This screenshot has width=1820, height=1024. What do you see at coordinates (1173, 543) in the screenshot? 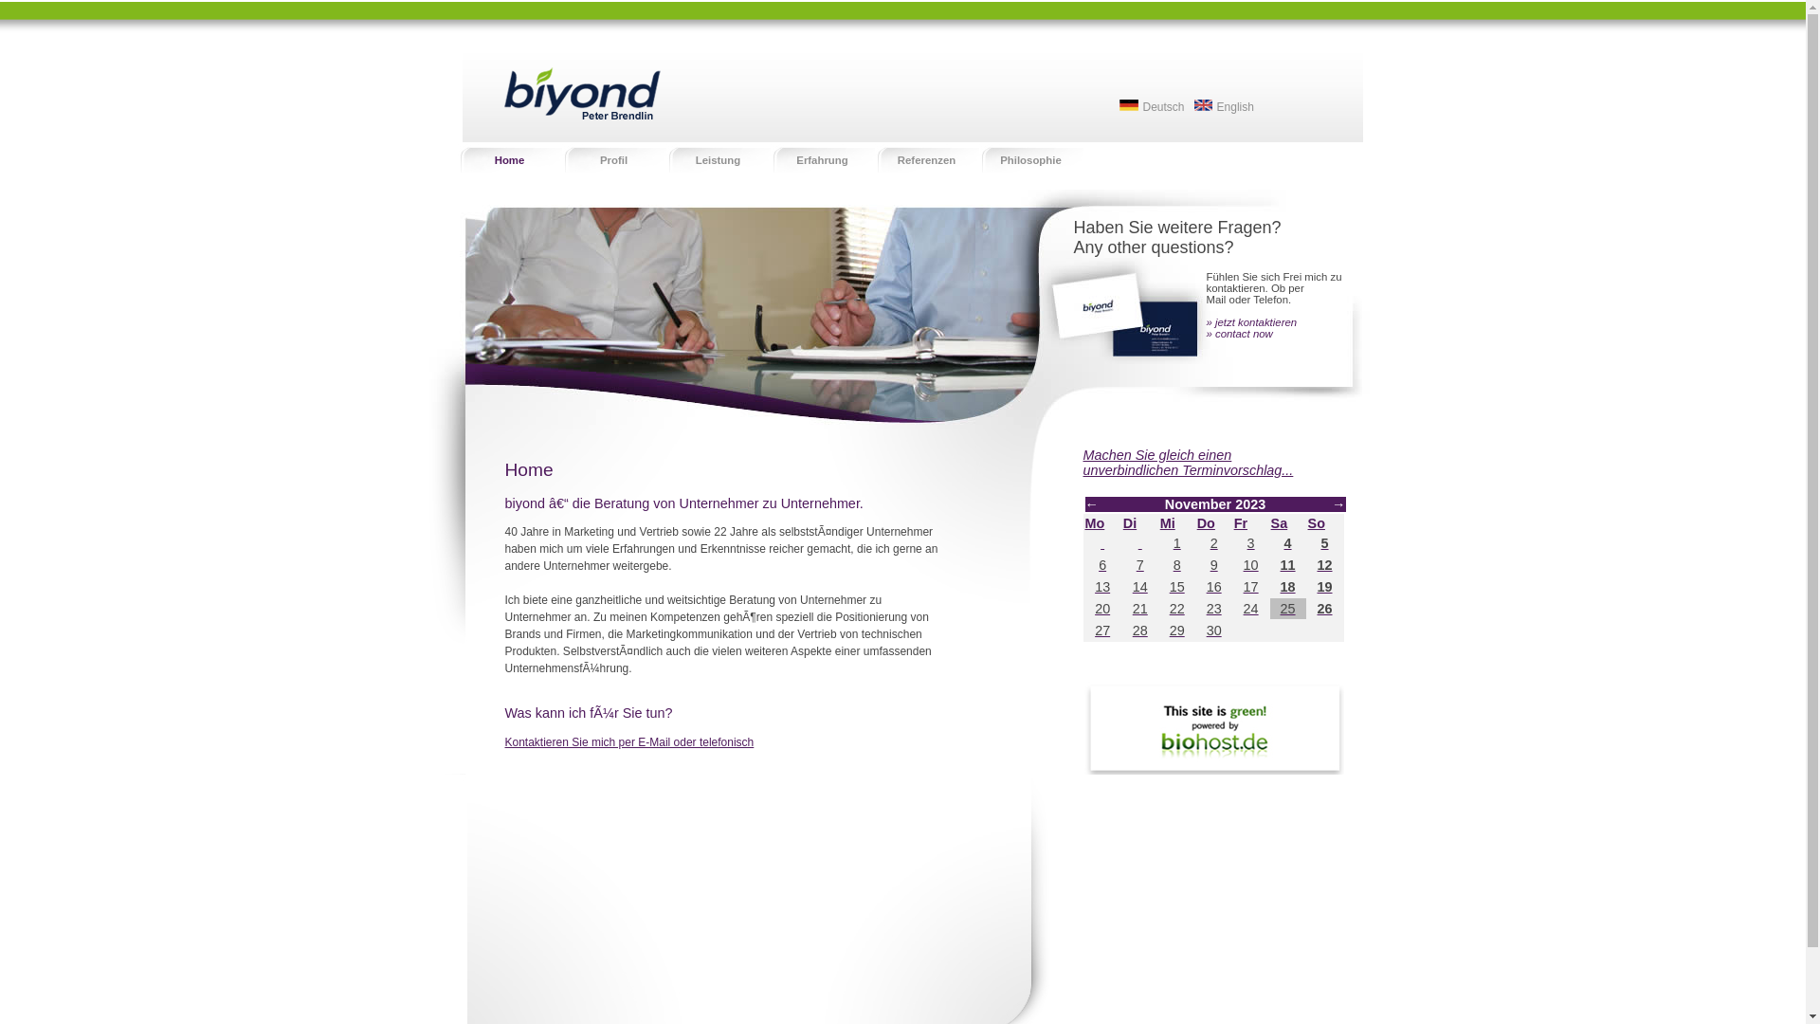
I see `'1'` at bounding box center [1173, 543].